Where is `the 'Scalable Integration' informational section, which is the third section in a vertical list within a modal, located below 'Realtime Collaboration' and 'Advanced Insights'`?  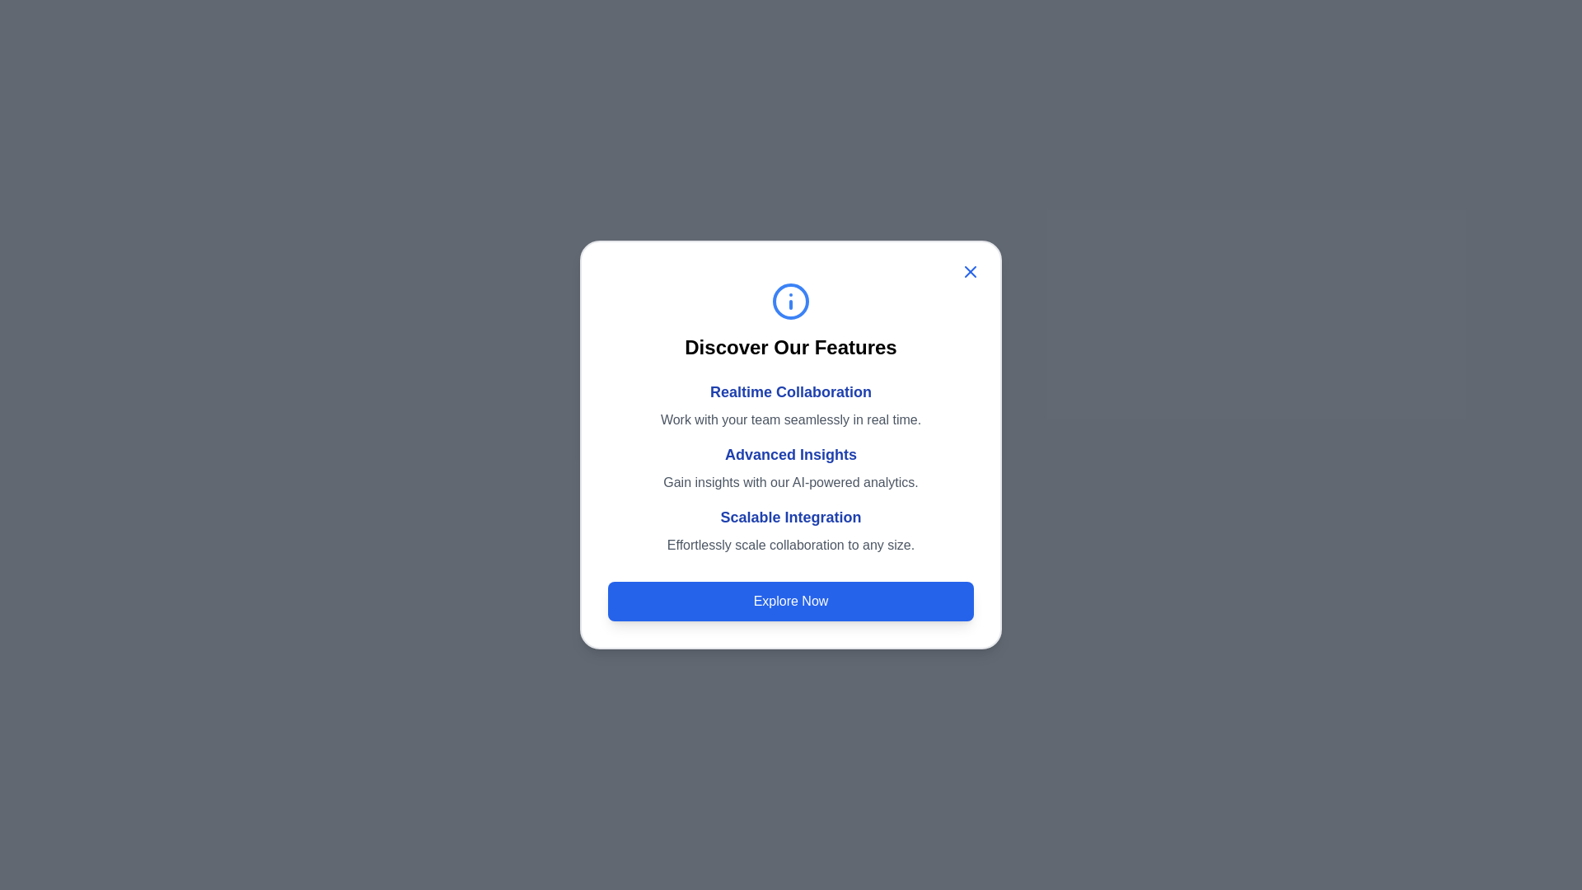
the 'Scalable Integration' informational section, which is the third section in a vertical list within a modal, located below 'Realtime Collaboration' and 'Advanced Insights' is located at coordinates (791, 531).